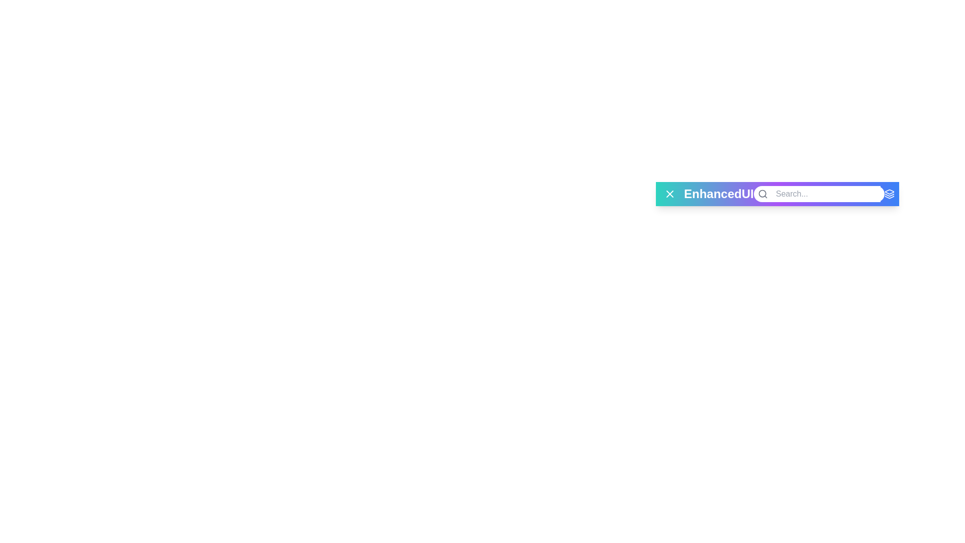  Describe the element at coordinates (889, 194) in the screenshot. I see `the layered icon on the right of the EnhancedAppBar` at that location.